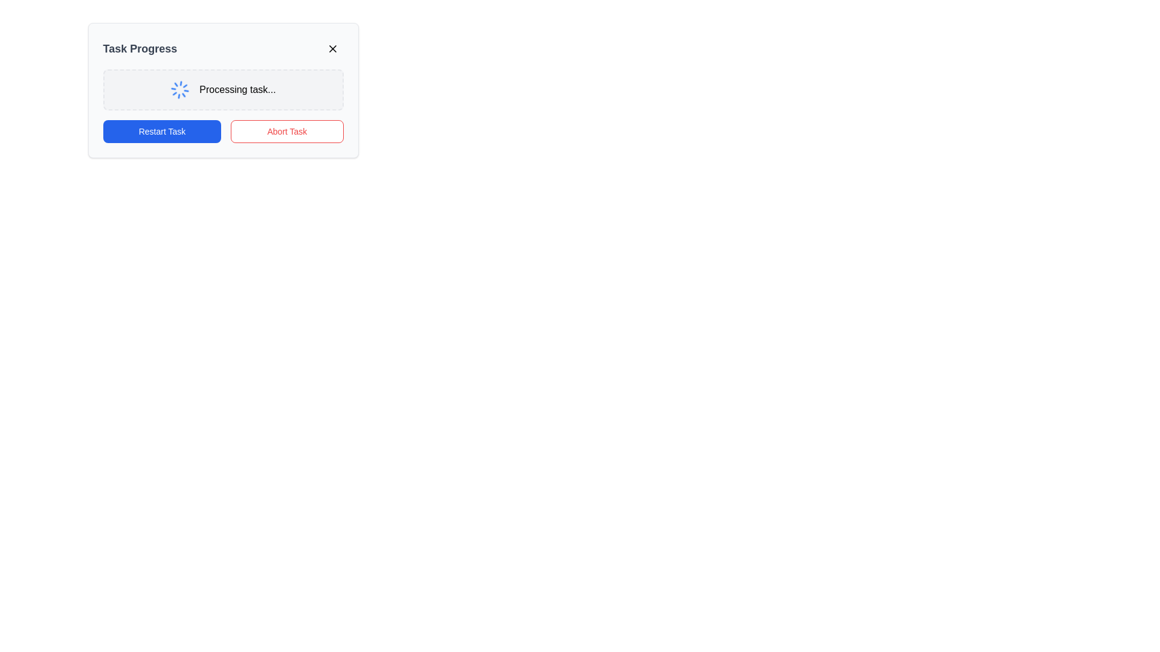 The height and width of the screenshot is (652, 1160). I want to click on the static text label that displays the status of an ongoing task, located to the right of the circular loader animation in the 'Task Progress' section, so click(237, 89).